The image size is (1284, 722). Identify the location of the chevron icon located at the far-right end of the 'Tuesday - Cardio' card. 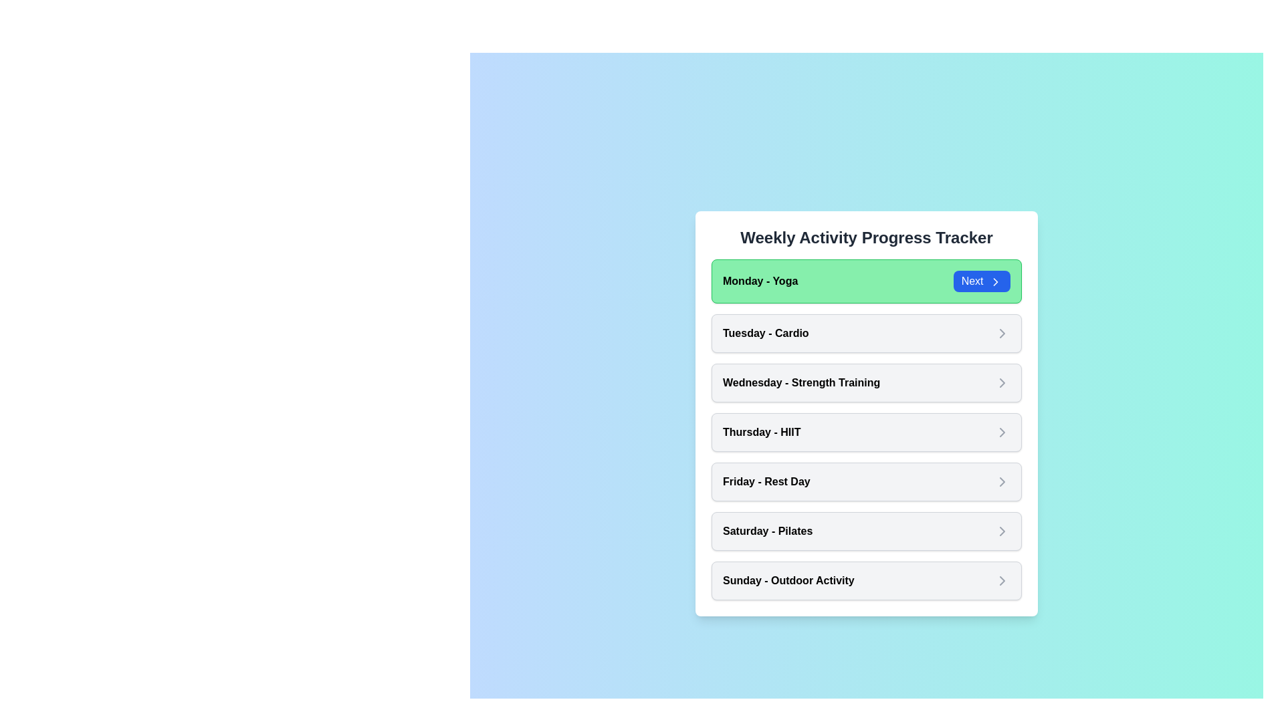
(1002, 332).